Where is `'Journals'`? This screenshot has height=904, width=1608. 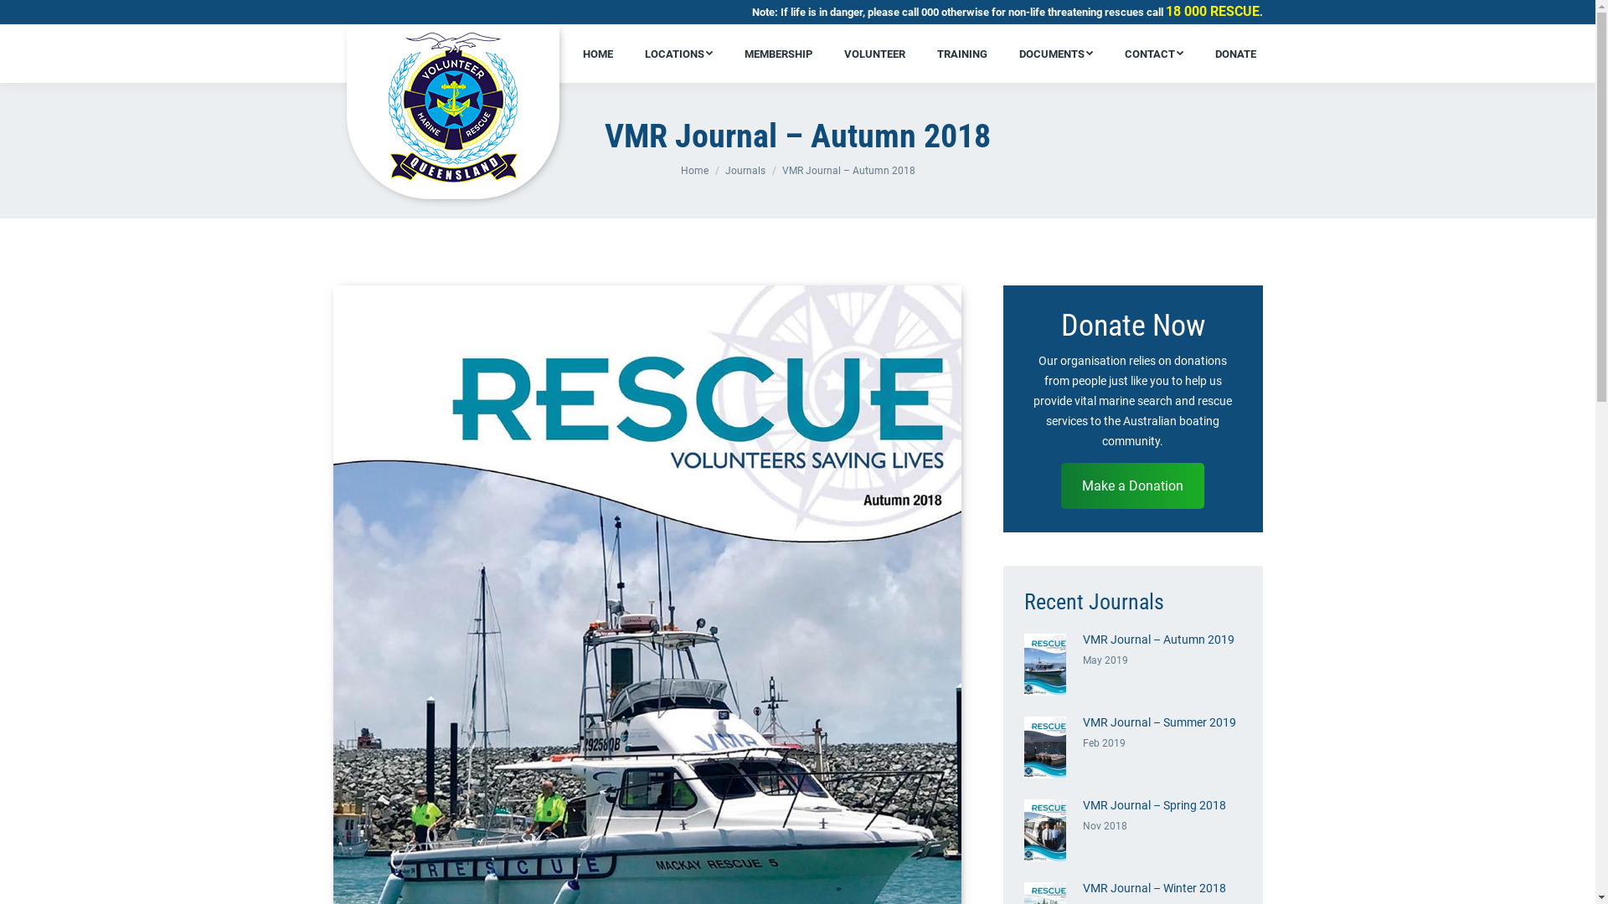
'Journals' is located at coordinates (744, 171).